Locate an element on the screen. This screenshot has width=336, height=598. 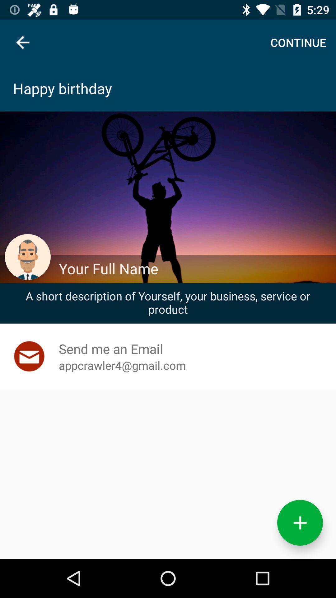
icon below the happy birthday is located at coordinates (194, 268).